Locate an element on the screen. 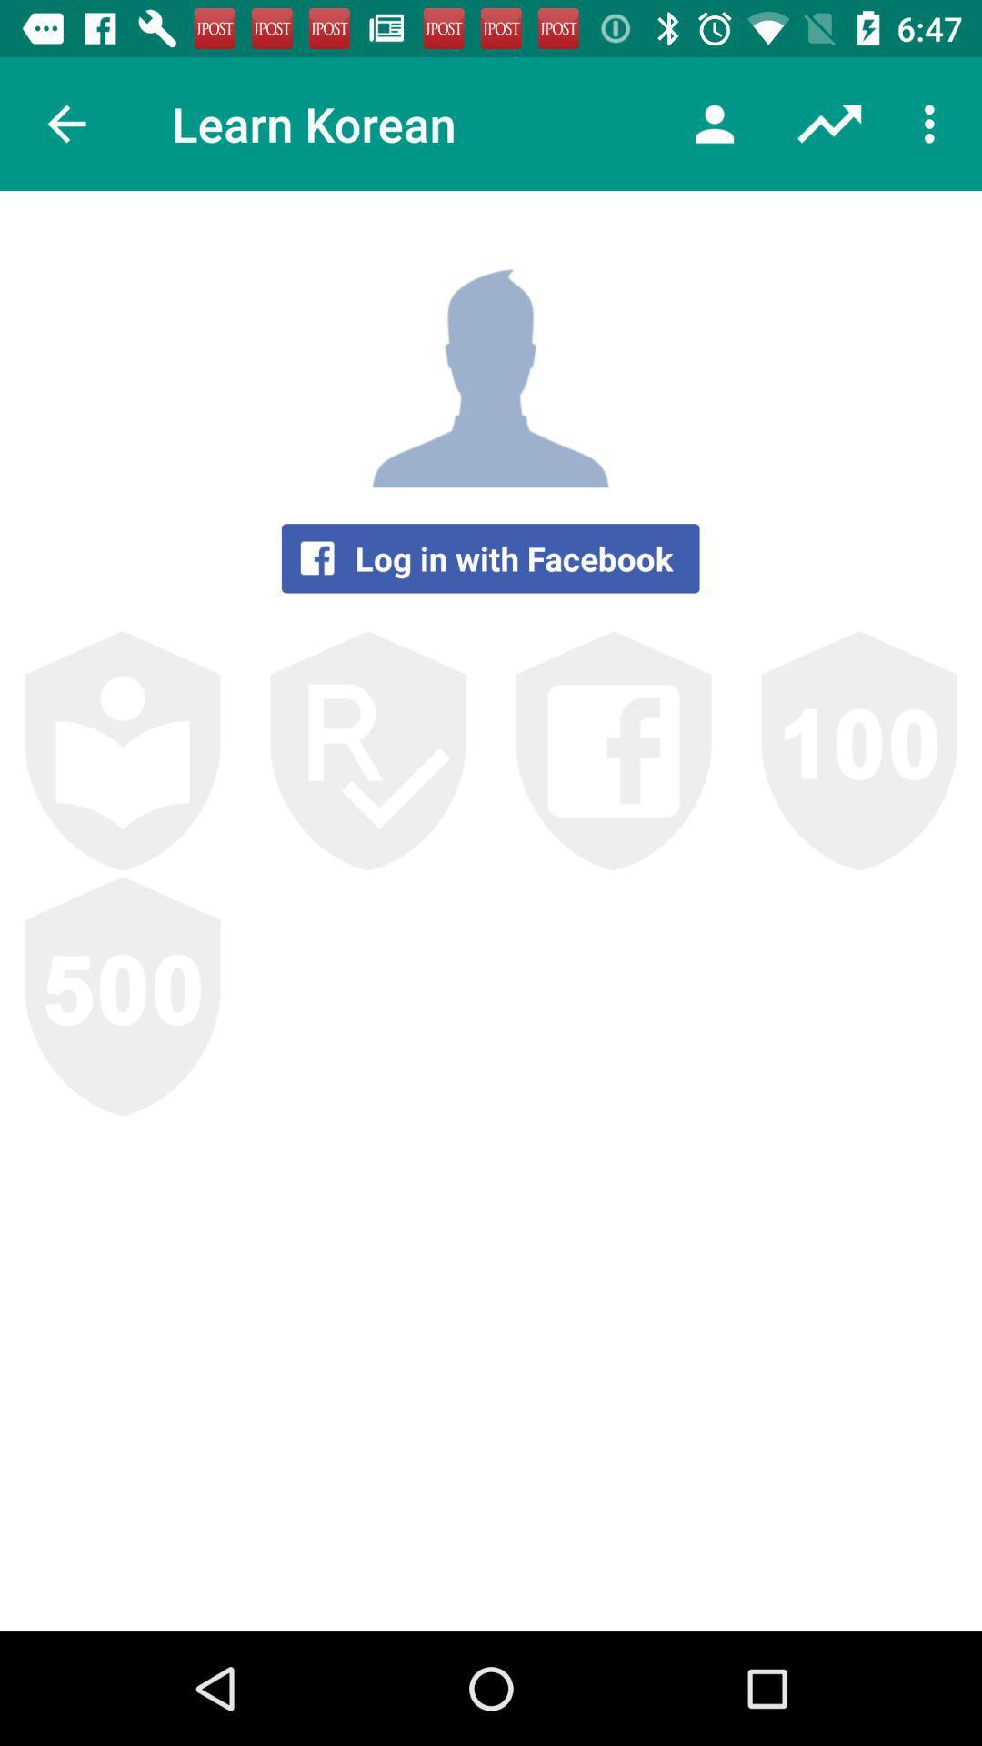 The image size is (982, 1746). the log in with is located at coordinates (489, 557).